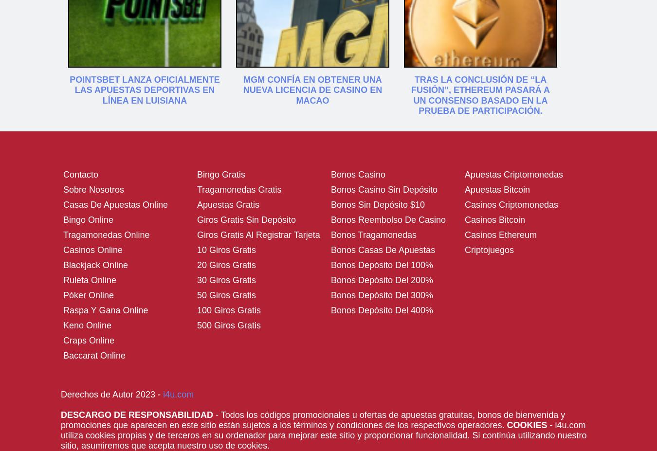 Image resolution: width=657 pixels, height=451 pixels. What do you see at coordinates (93, 250) in the screenshot?
I see `'Casinos Online'` at bounding box center [93, 250].